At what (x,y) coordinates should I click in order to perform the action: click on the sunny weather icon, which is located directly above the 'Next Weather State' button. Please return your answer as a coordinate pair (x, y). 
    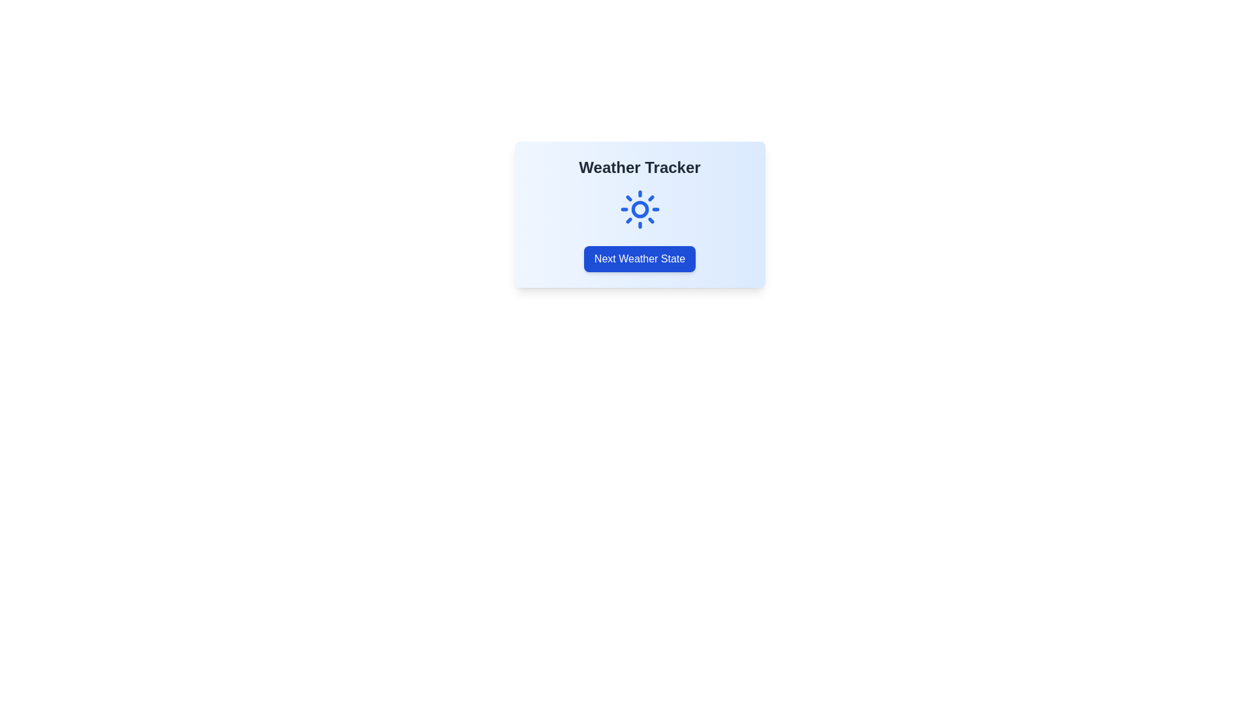
    Looking at the image, I should click on (640, 208).